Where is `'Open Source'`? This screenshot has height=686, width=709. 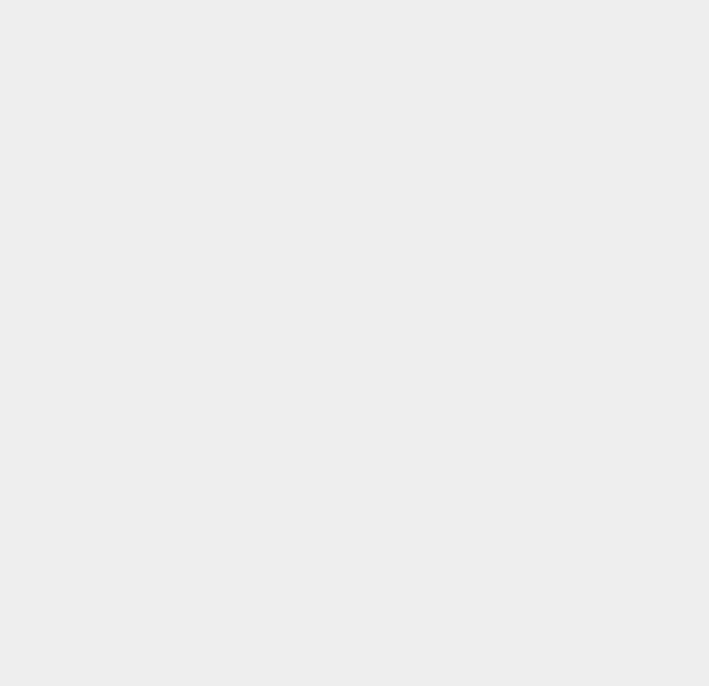 'Open Source' is located at coordinates (527, 606).